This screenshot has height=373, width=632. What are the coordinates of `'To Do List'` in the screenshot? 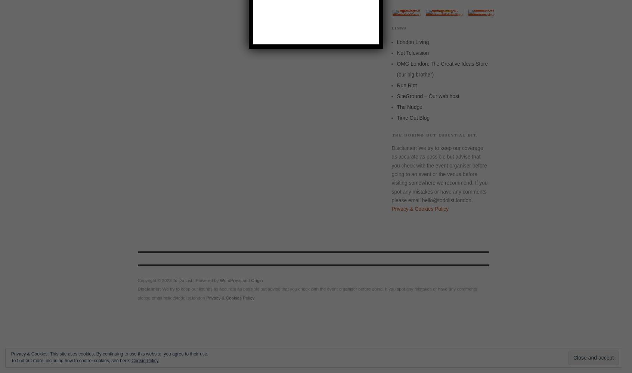 It's located at (182, 280).